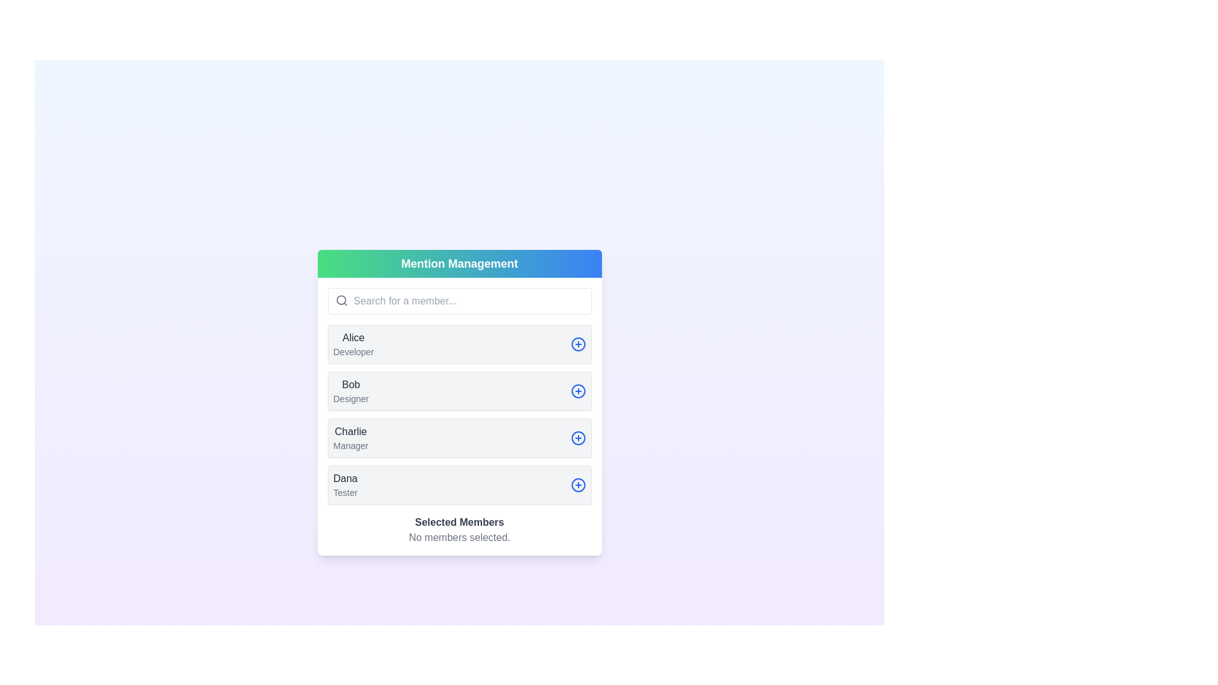  I want to click on the Label element that provides context for the selected members, located above the text 'No members selected.', so click(459, 523).